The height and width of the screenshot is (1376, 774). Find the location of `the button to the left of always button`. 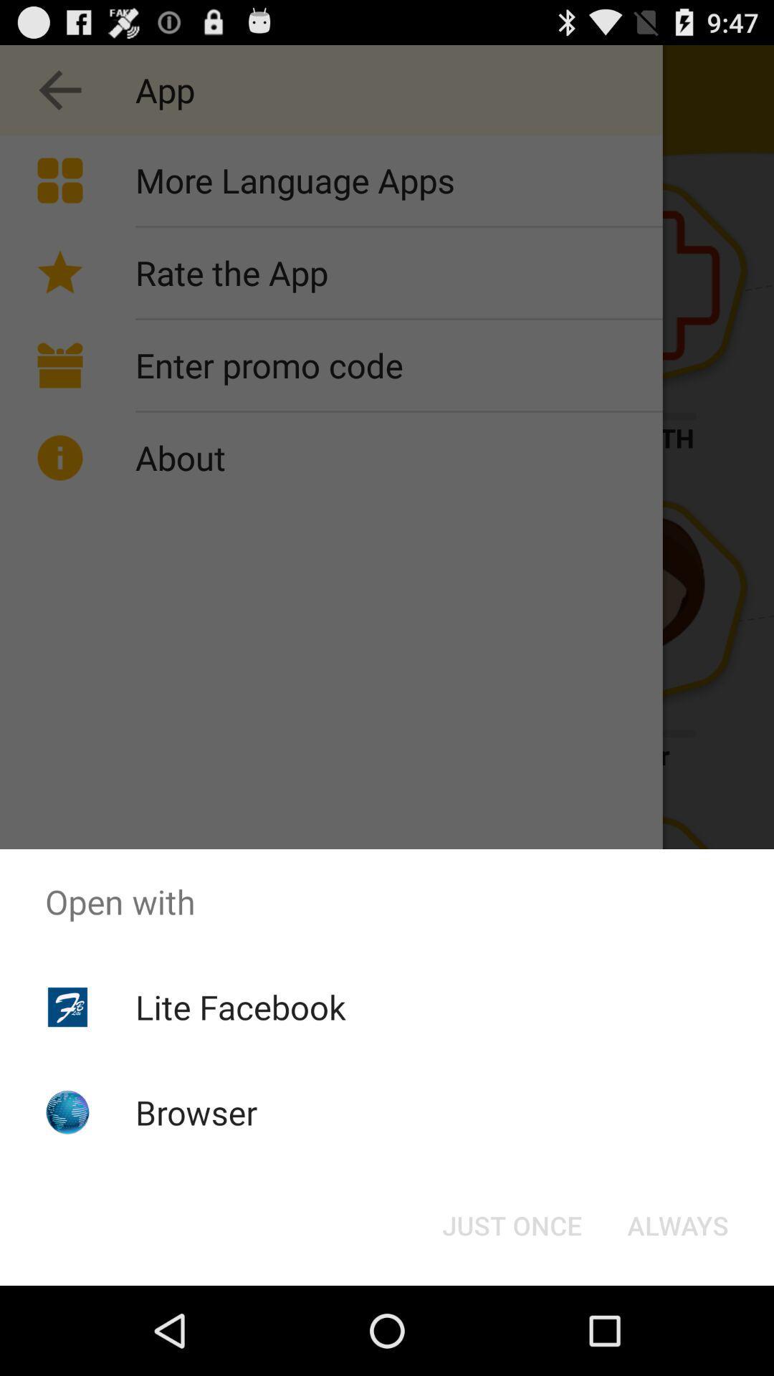

the button to the left of always button is located at coordinates (511, 1224).